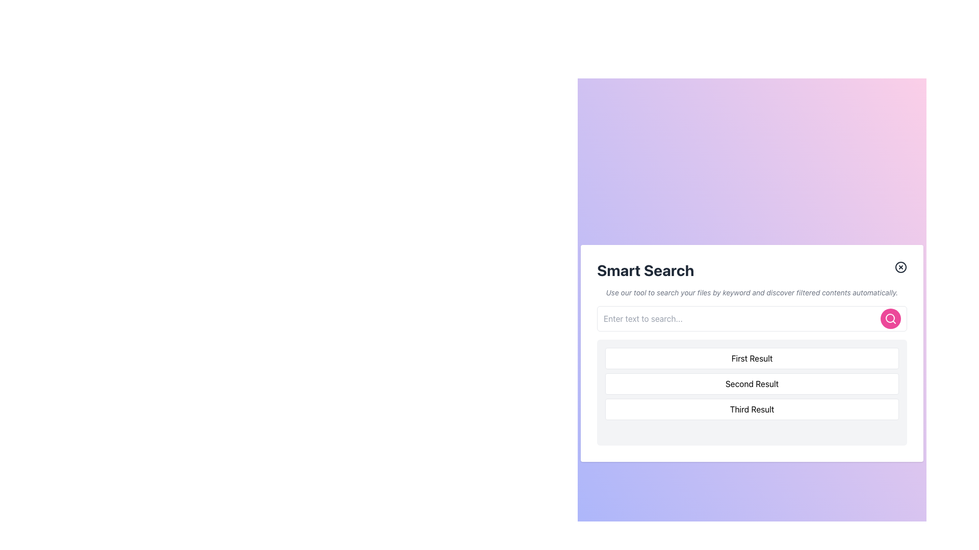 The image size is (979, 550). I want to click on the magnifying glass icon located at the top-right corner of the text input box, so click(890, 318).